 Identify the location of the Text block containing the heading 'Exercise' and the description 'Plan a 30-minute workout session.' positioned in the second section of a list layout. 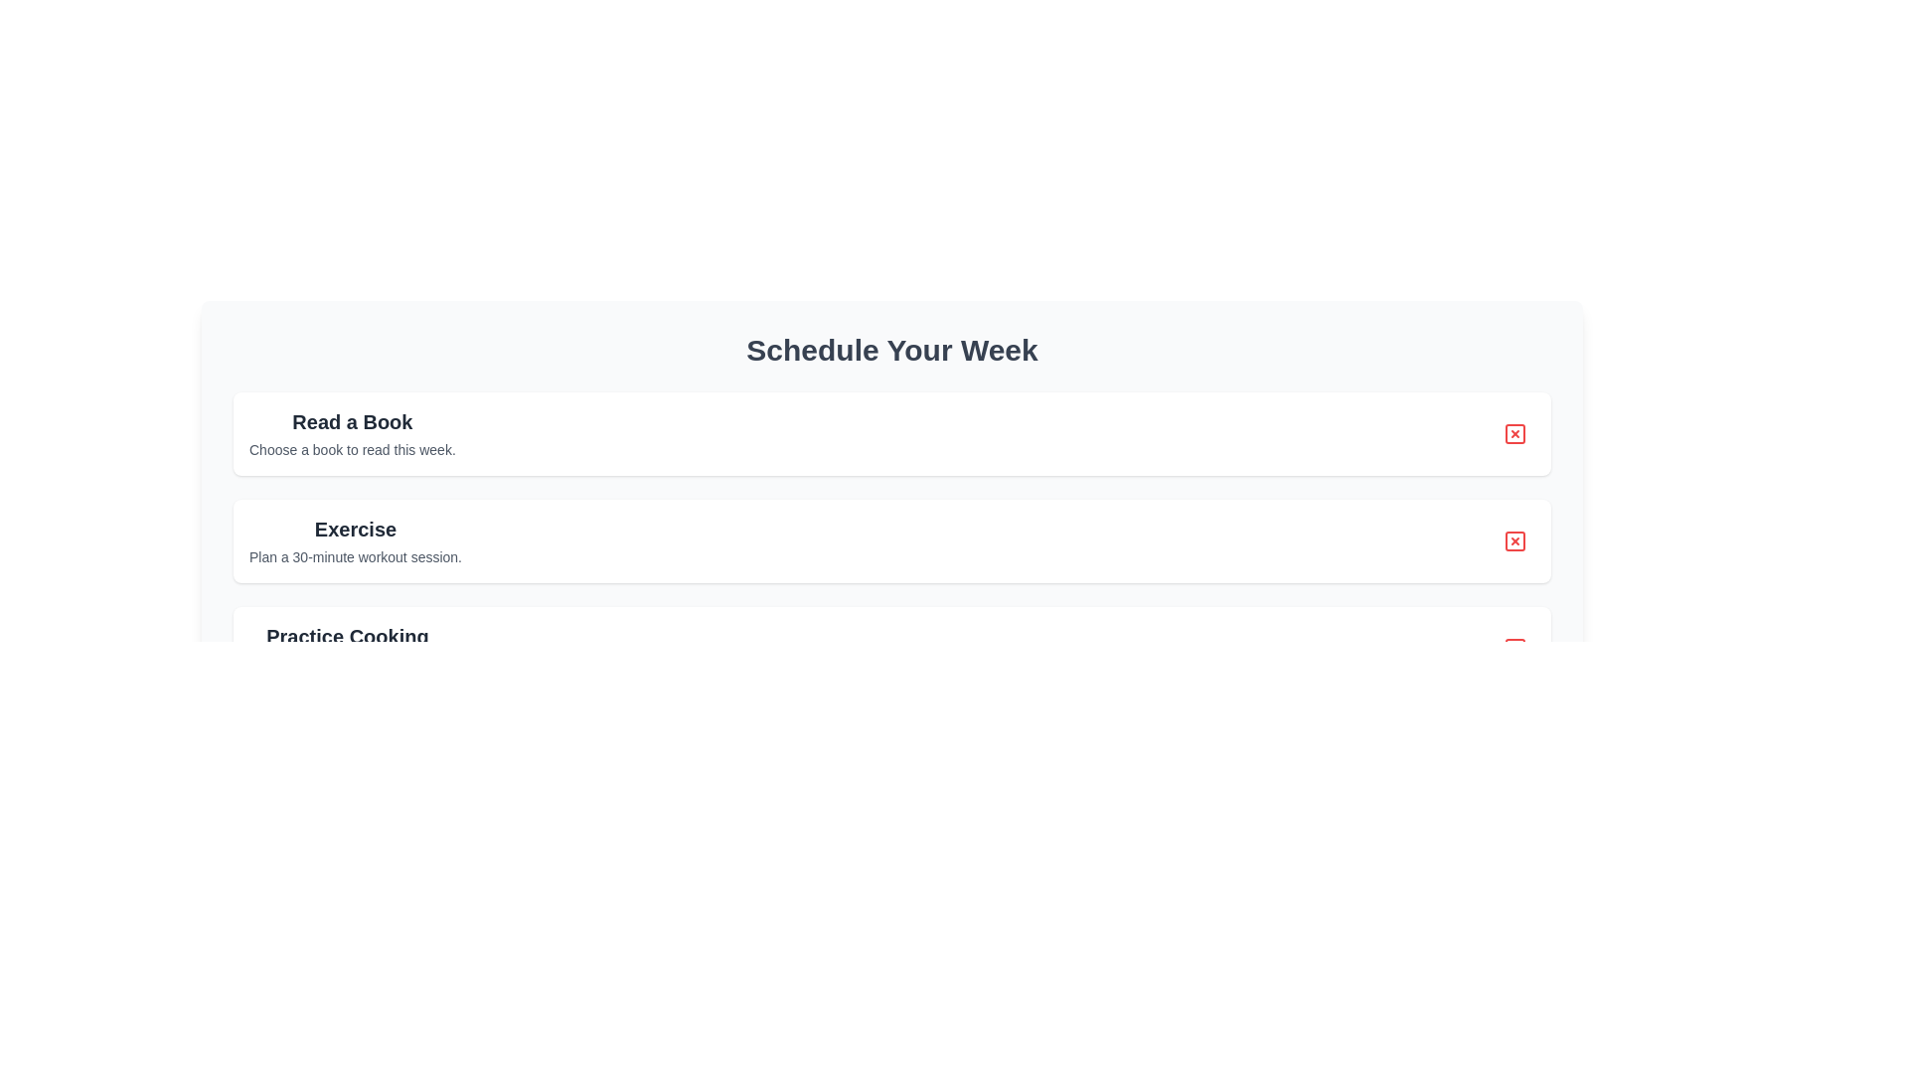
(356, 540).